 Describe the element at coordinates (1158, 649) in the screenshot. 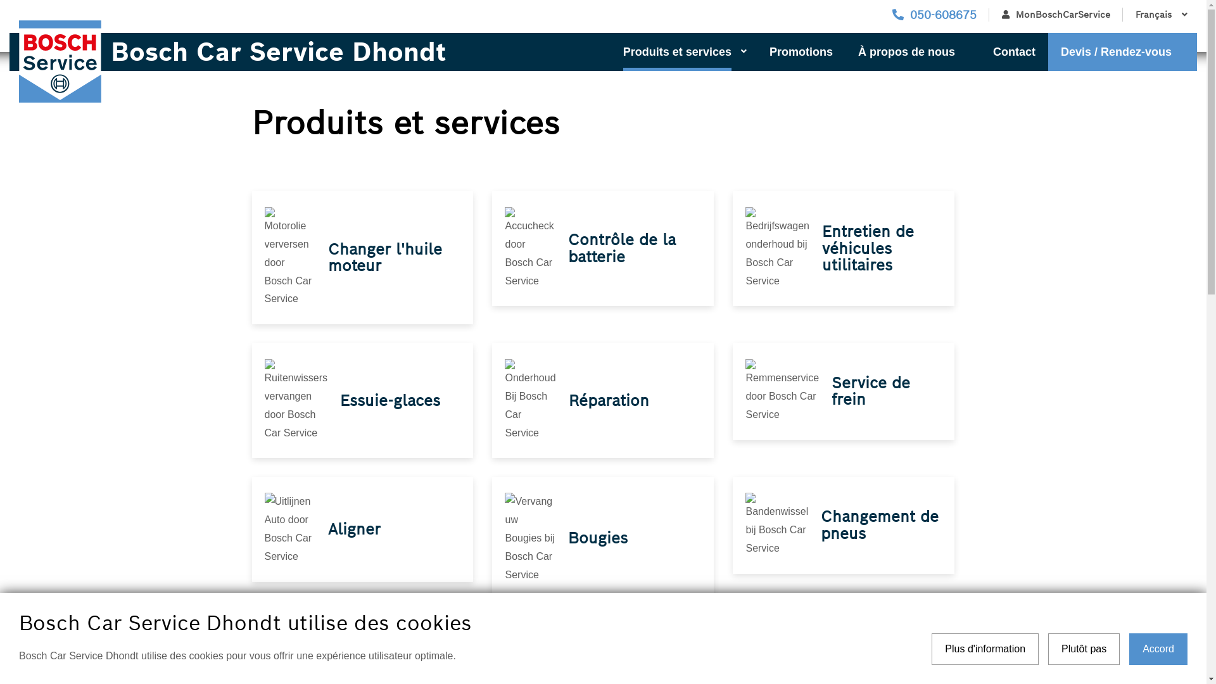

I see `'Accord'` at that location.